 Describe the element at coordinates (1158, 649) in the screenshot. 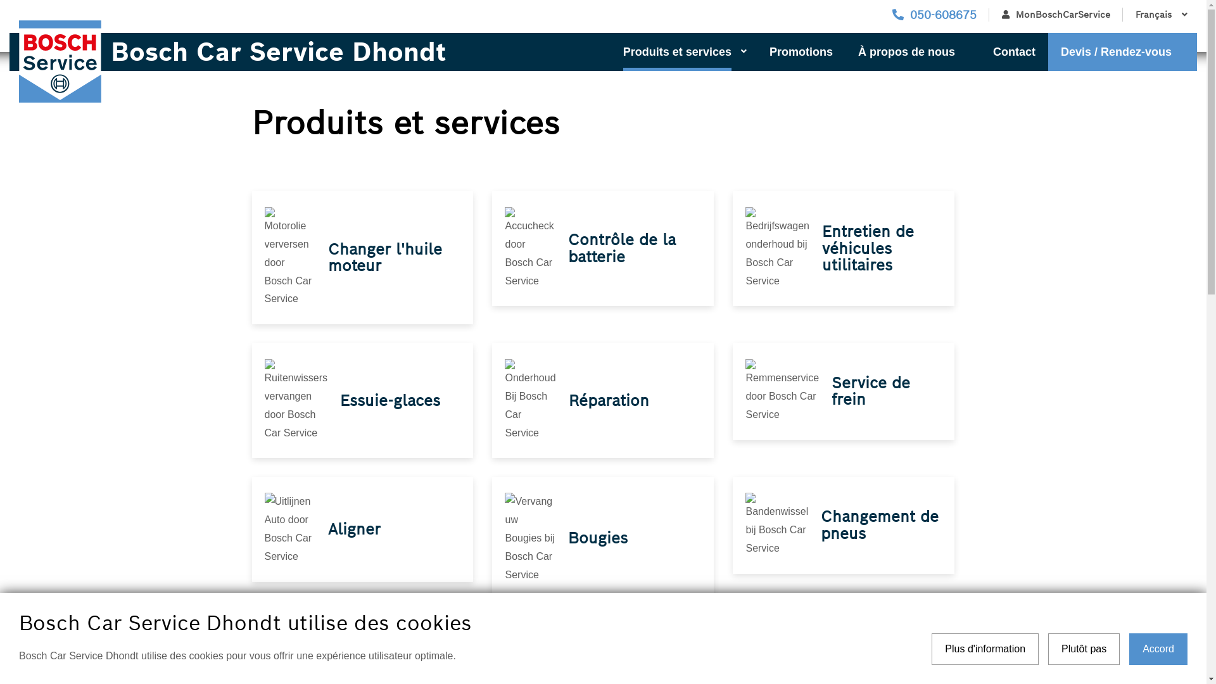

I see `'Accord'` at that location.